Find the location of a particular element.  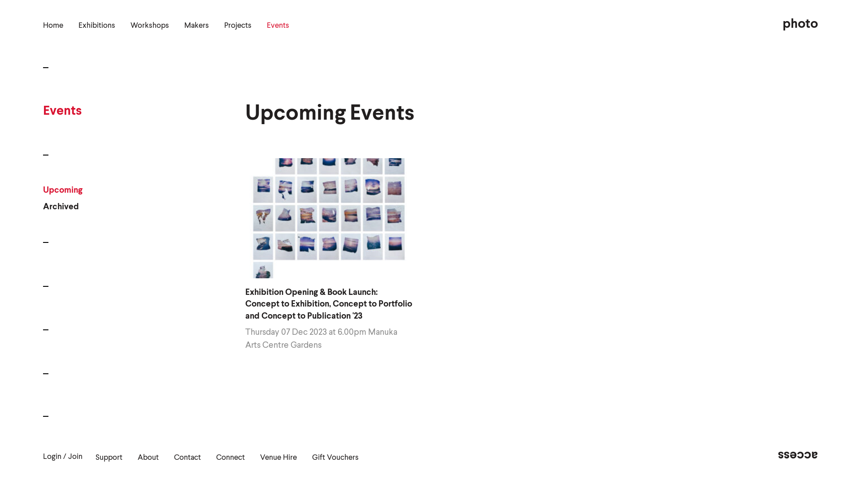

'Contact' is located at coordinates (187, 458).